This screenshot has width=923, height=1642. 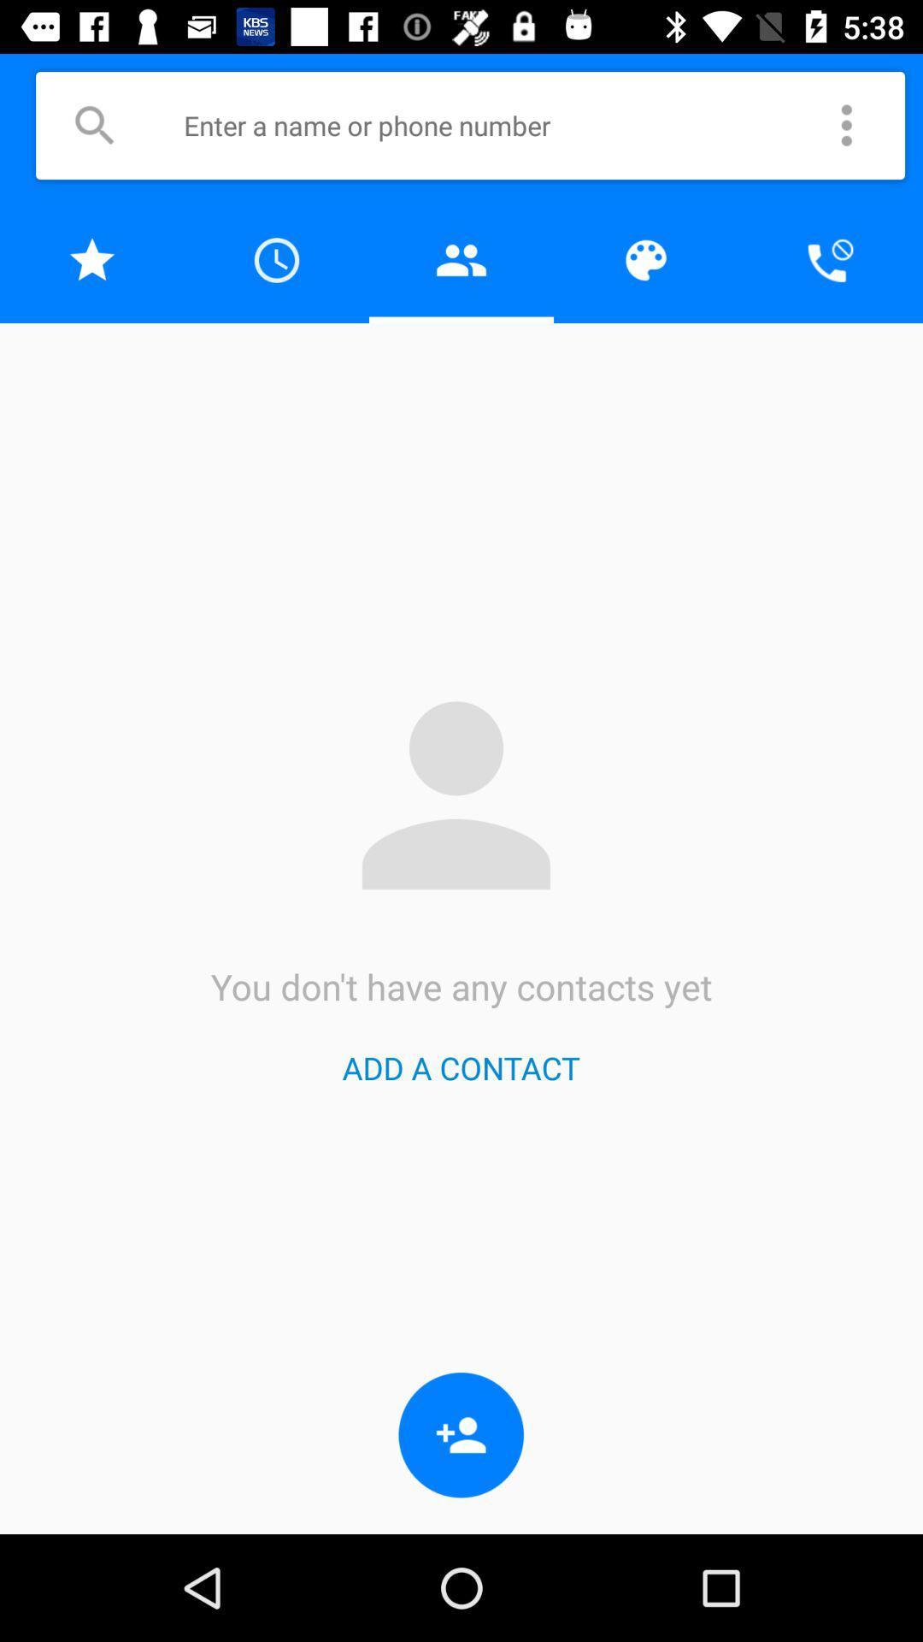 What do you see at coordinates (460, 1066) in the screenshot?
I see `the item below the you don t icon` at bounding box center [460, 1066].